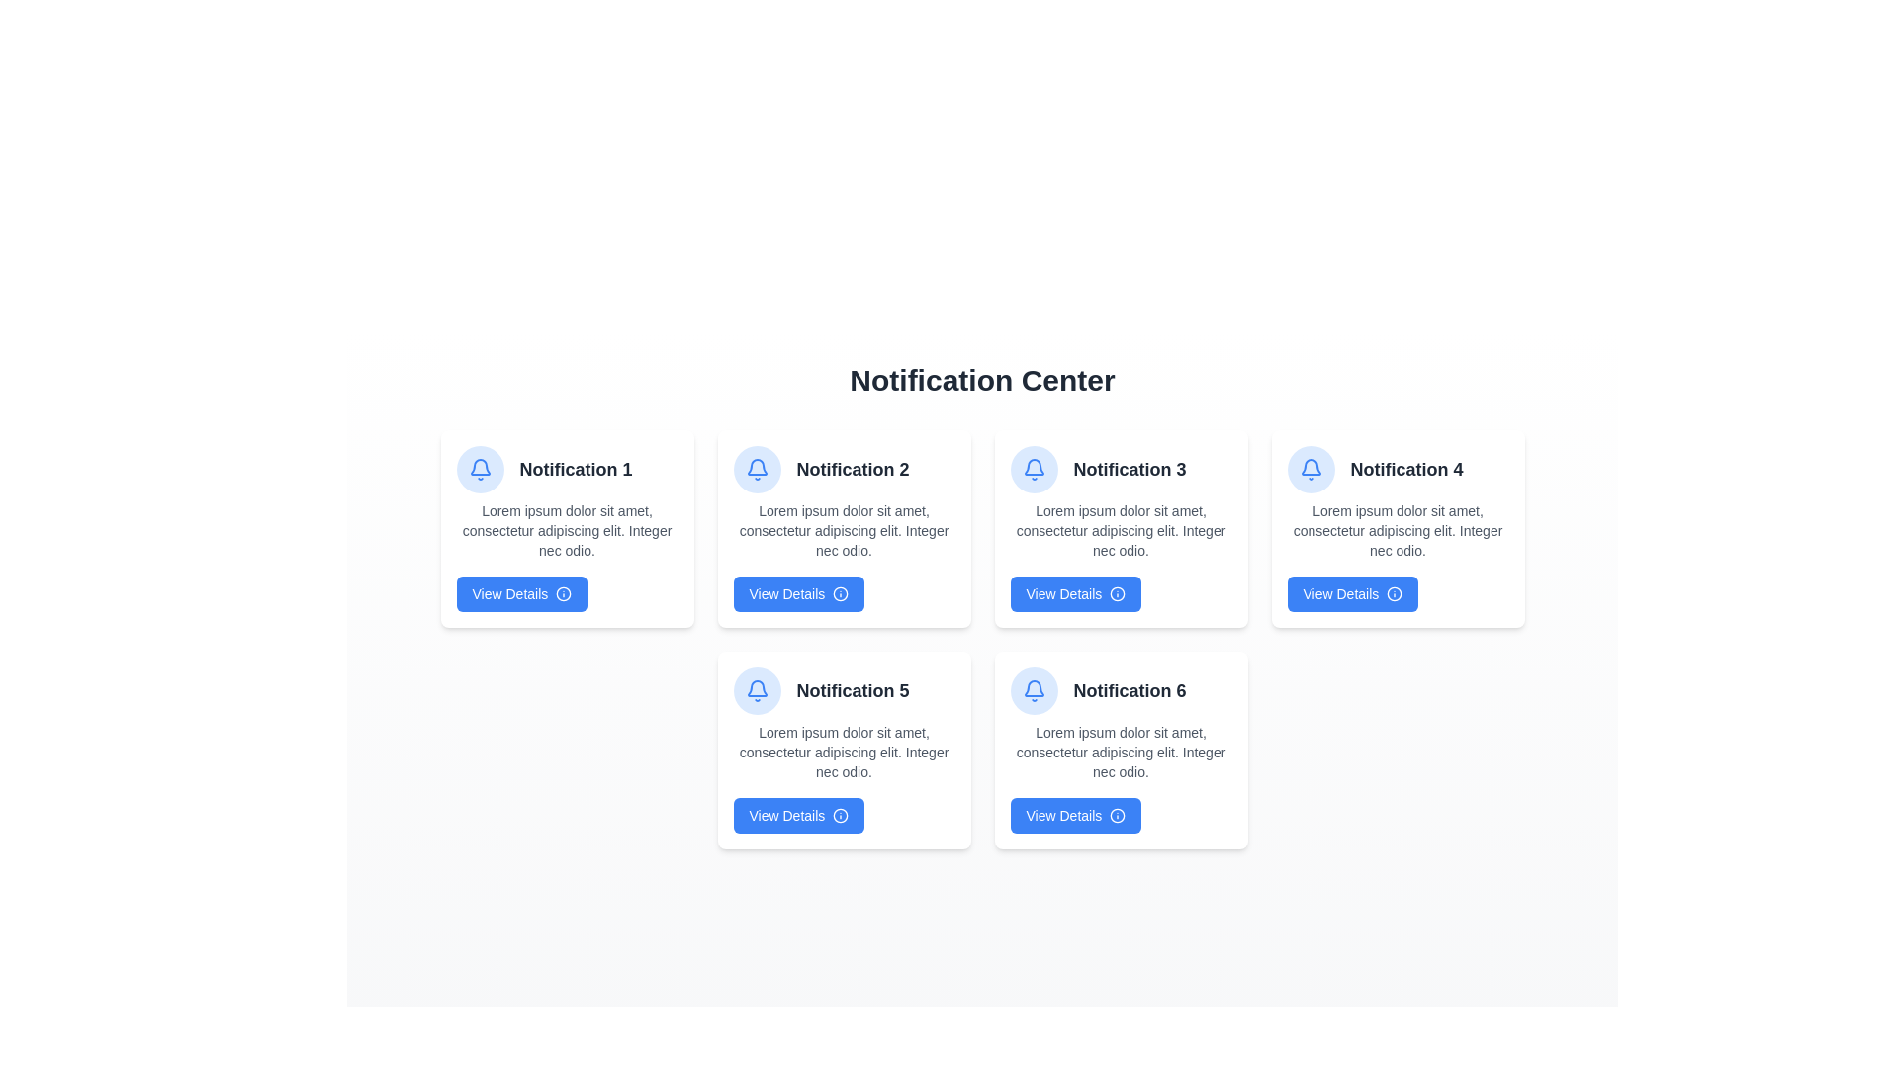 The image size is (1899, 1068). I want to click on keyboard navigation, so click(1074, 816).